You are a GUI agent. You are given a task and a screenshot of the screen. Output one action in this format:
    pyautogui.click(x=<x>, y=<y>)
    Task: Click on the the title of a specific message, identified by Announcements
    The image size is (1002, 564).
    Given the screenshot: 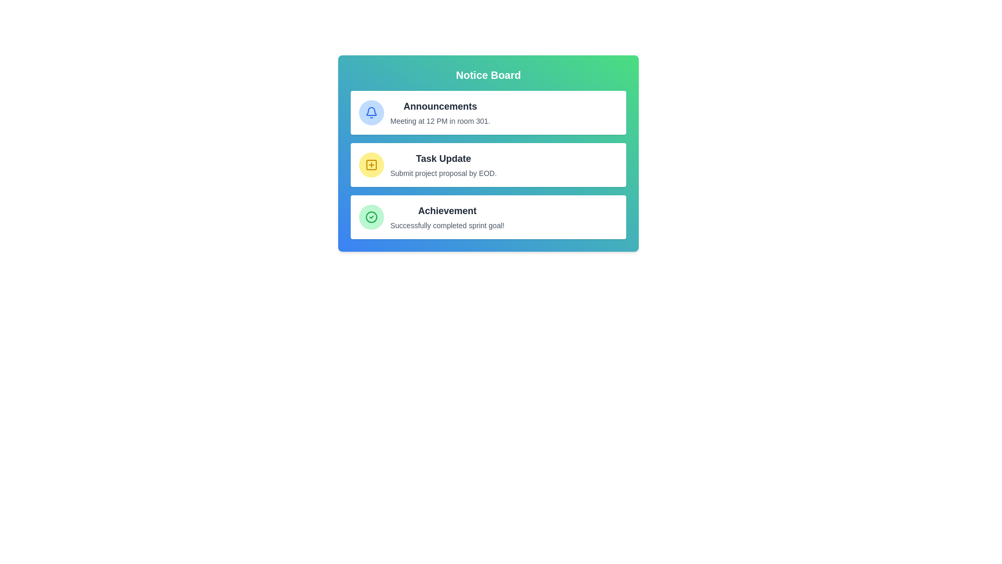 What is the action you would take?
    pyautogui.click(x=440, y=107)
    